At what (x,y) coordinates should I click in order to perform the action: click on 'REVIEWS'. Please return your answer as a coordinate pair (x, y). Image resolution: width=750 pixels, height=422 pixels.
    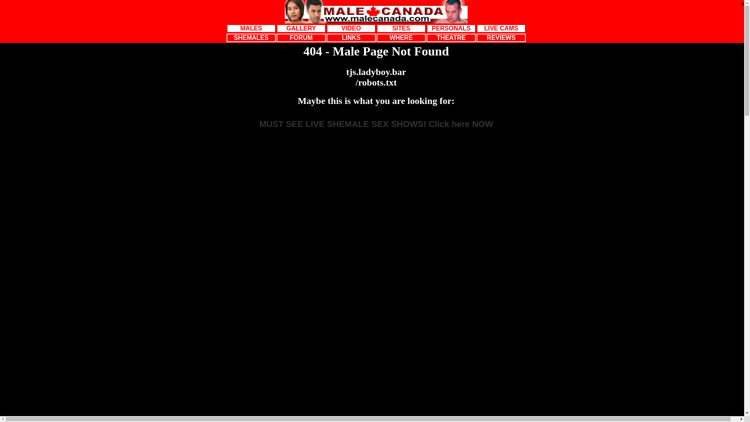
    Looking at the image, I should click on (501, 38).